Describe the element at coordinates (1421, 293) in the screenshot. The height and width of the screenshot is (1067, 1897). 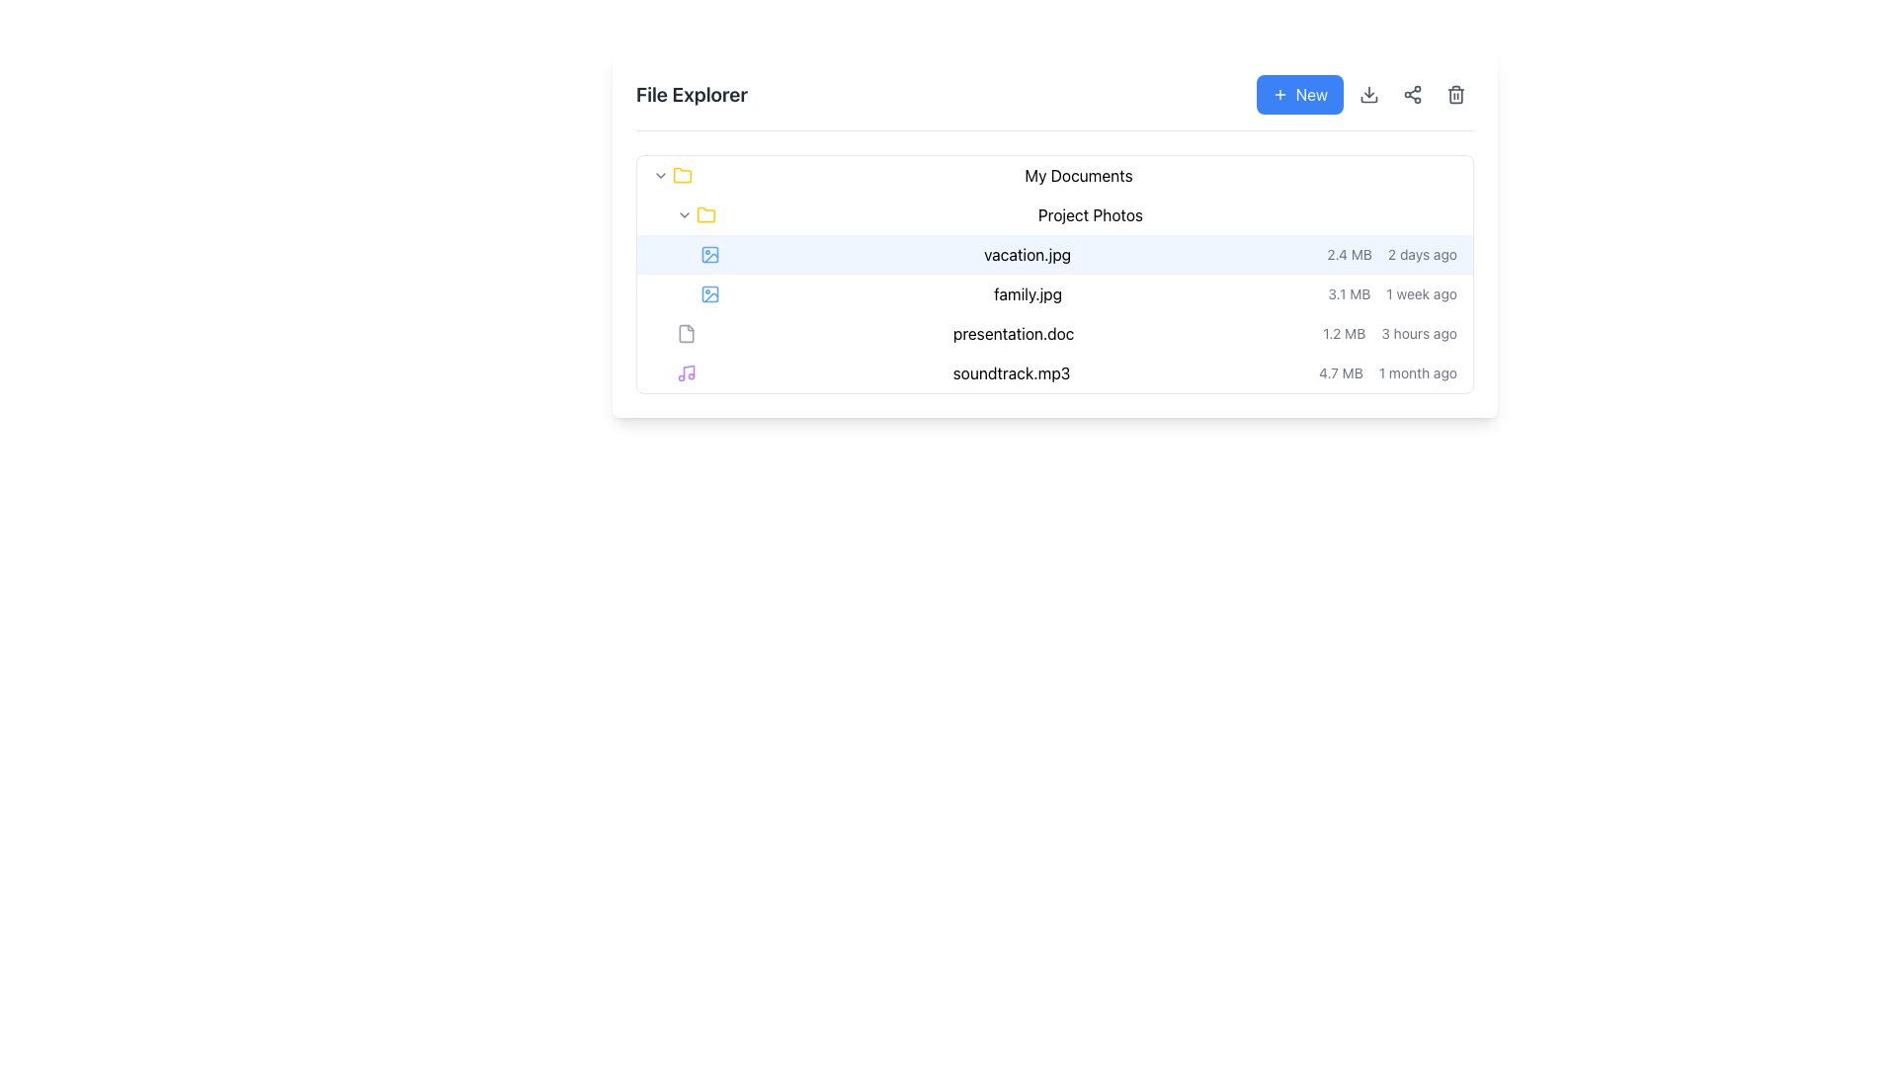
I see `the static text label indicating the timestamp or relative age of the associated file, which is positioned to the far right of the '3.1 MB' file size label` at that location.